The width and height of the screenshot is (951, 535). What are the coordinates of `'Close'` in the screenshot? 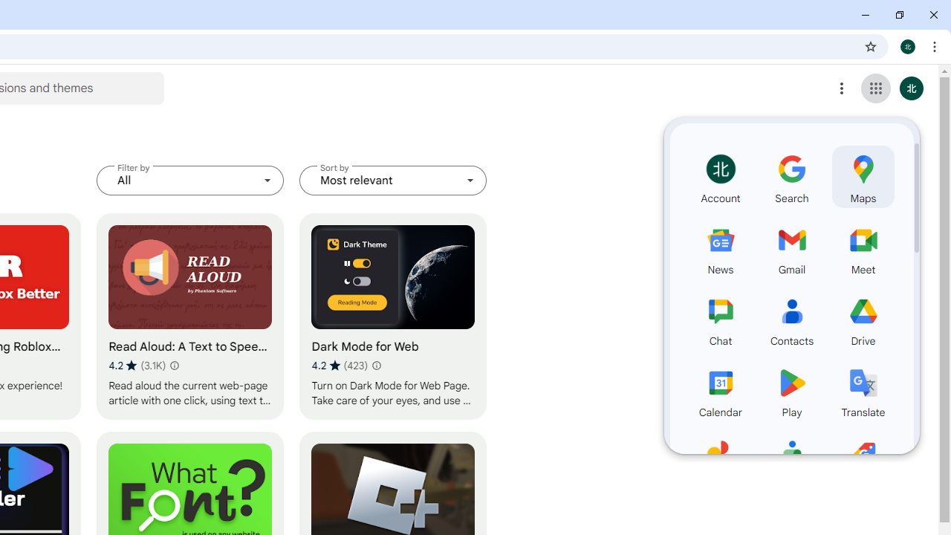 It's located at (932, 15).